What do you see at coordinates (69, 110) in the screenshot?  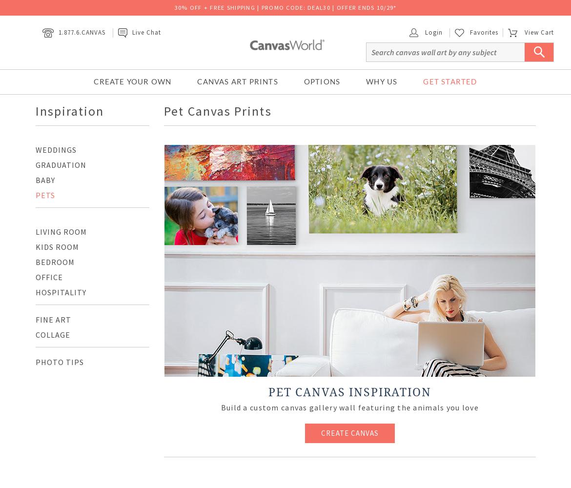 I see `'Inspiration'` at bounding box center [69, 110].